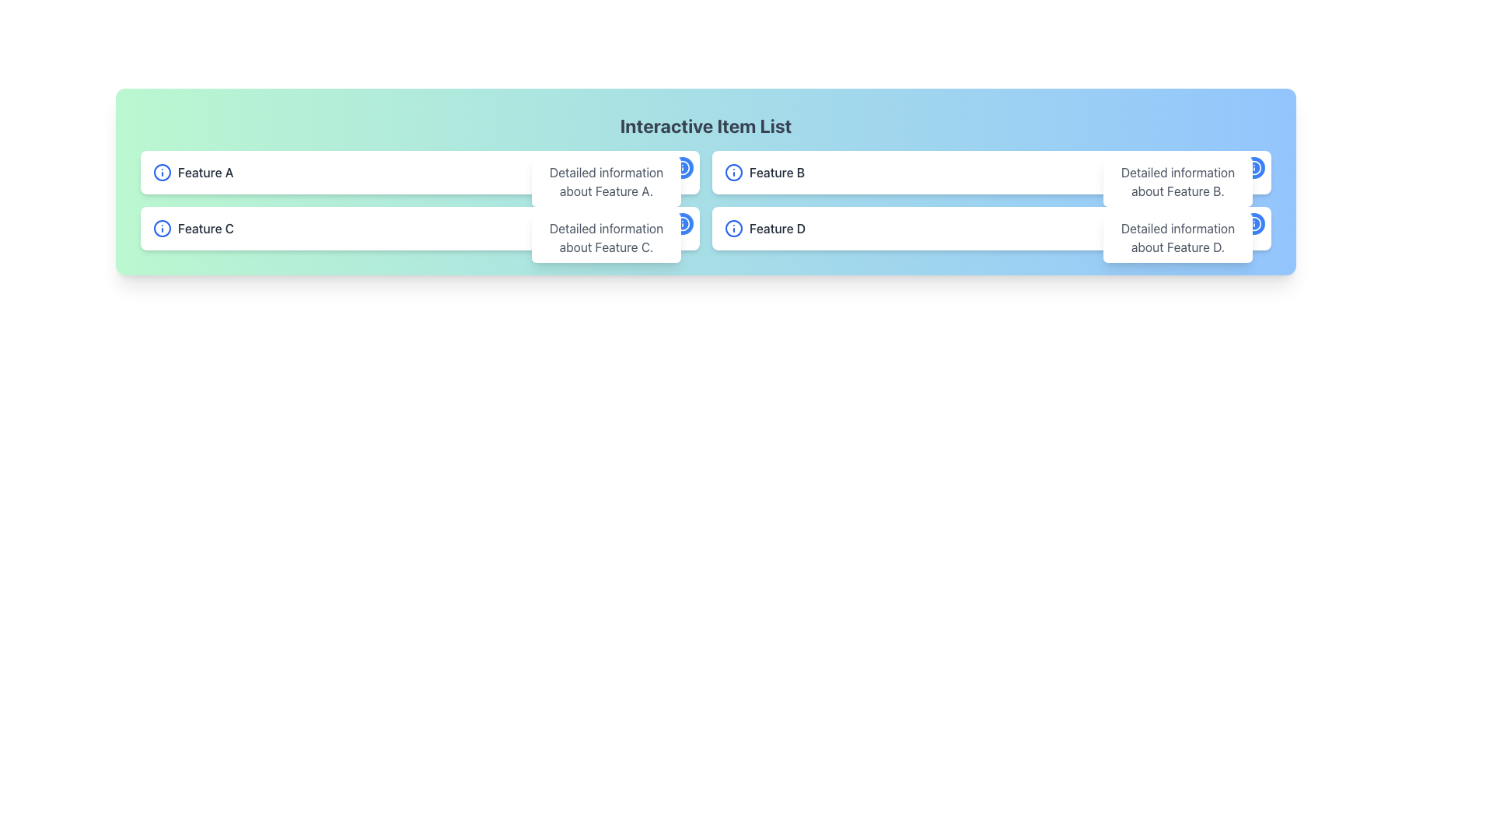 Image resolution: width=1493 pixels, height=840 pixels. Describe the element at coordinates (683, 168) in the screenshot. I see `the circular blue Icon Button with a white outline containing an 'i' symbol, located in the top-right section of the interface associated with 'Feature D'` at that location.